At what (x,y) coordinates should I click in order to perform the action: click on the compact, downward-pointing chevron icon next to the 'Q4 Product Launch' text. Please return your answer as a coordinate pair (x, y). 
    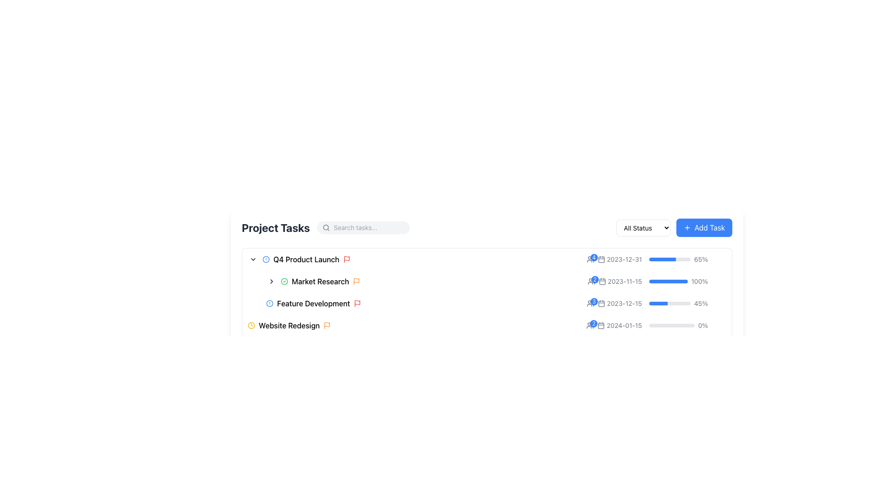
    Looking at the image, I should click on (253, 259).